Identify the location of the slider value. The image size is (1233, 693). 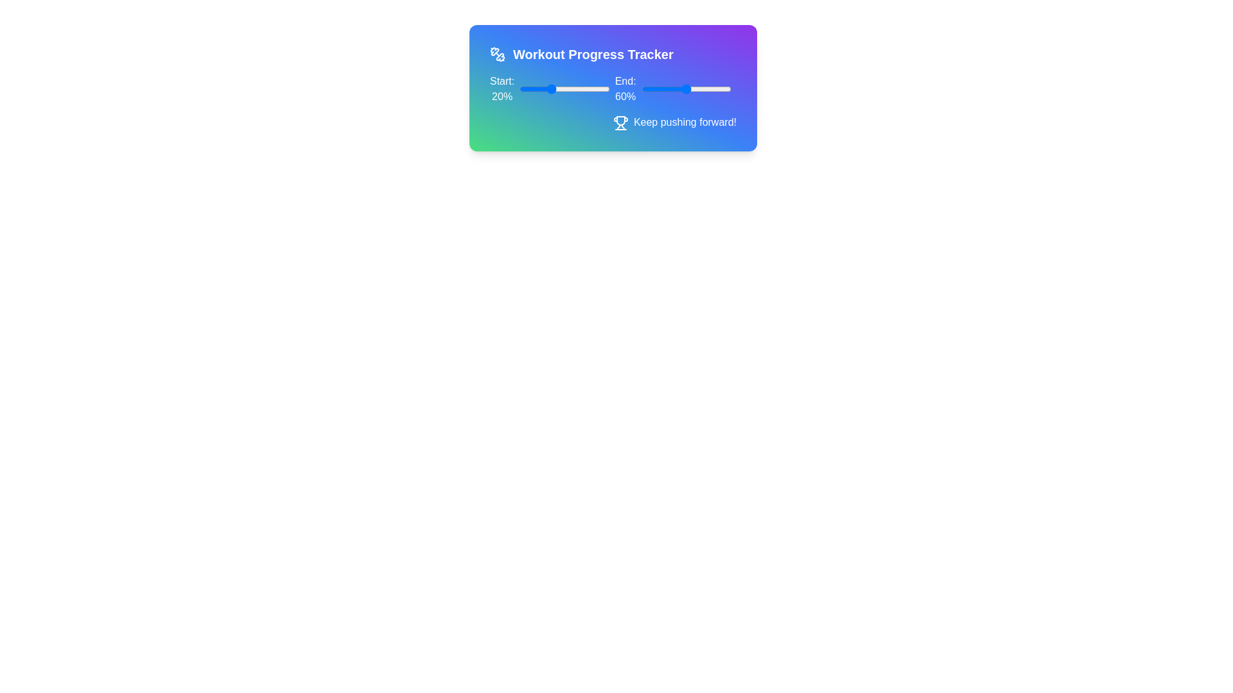
(534, 88).